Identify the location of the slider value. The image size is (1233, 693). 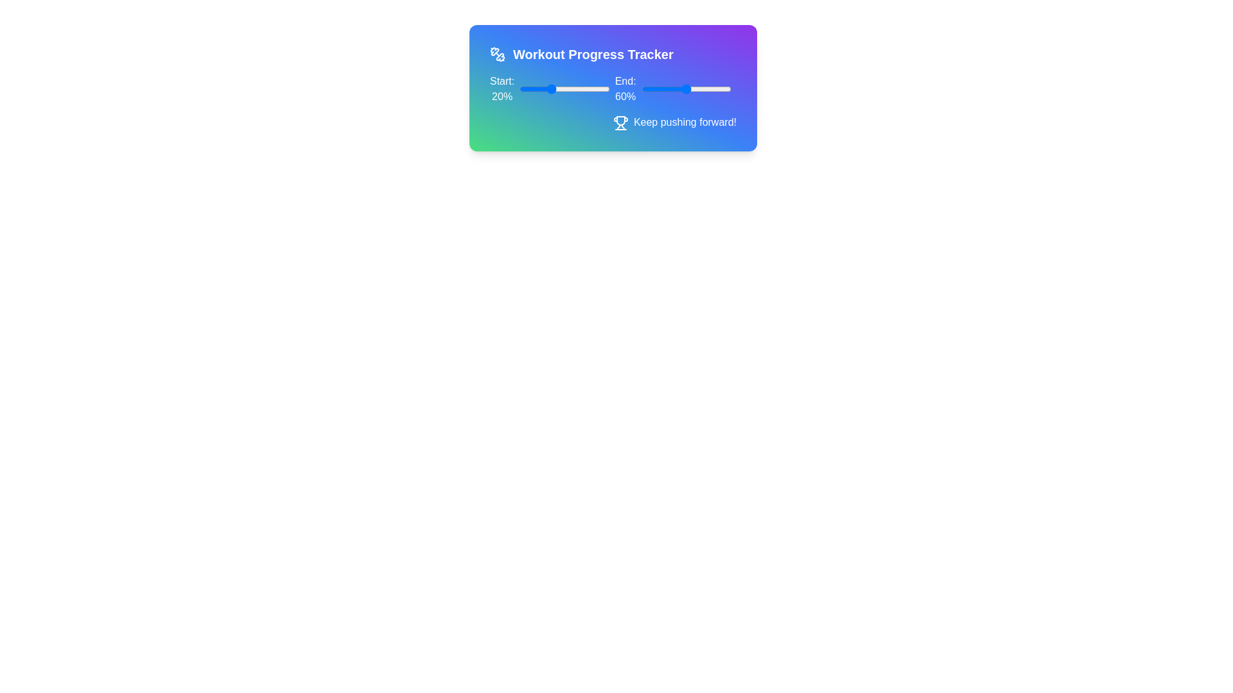
(534, 88).